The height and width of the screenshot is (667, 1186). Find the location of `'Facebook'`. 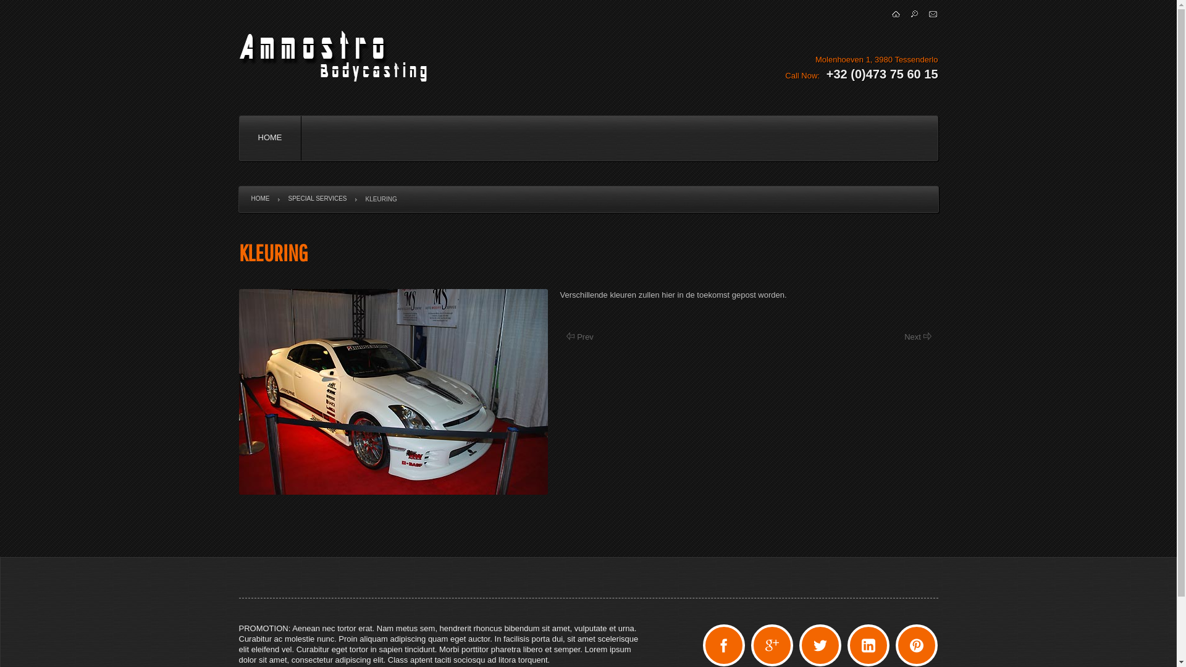

'Facebook' is located at coordinates (723, 645).